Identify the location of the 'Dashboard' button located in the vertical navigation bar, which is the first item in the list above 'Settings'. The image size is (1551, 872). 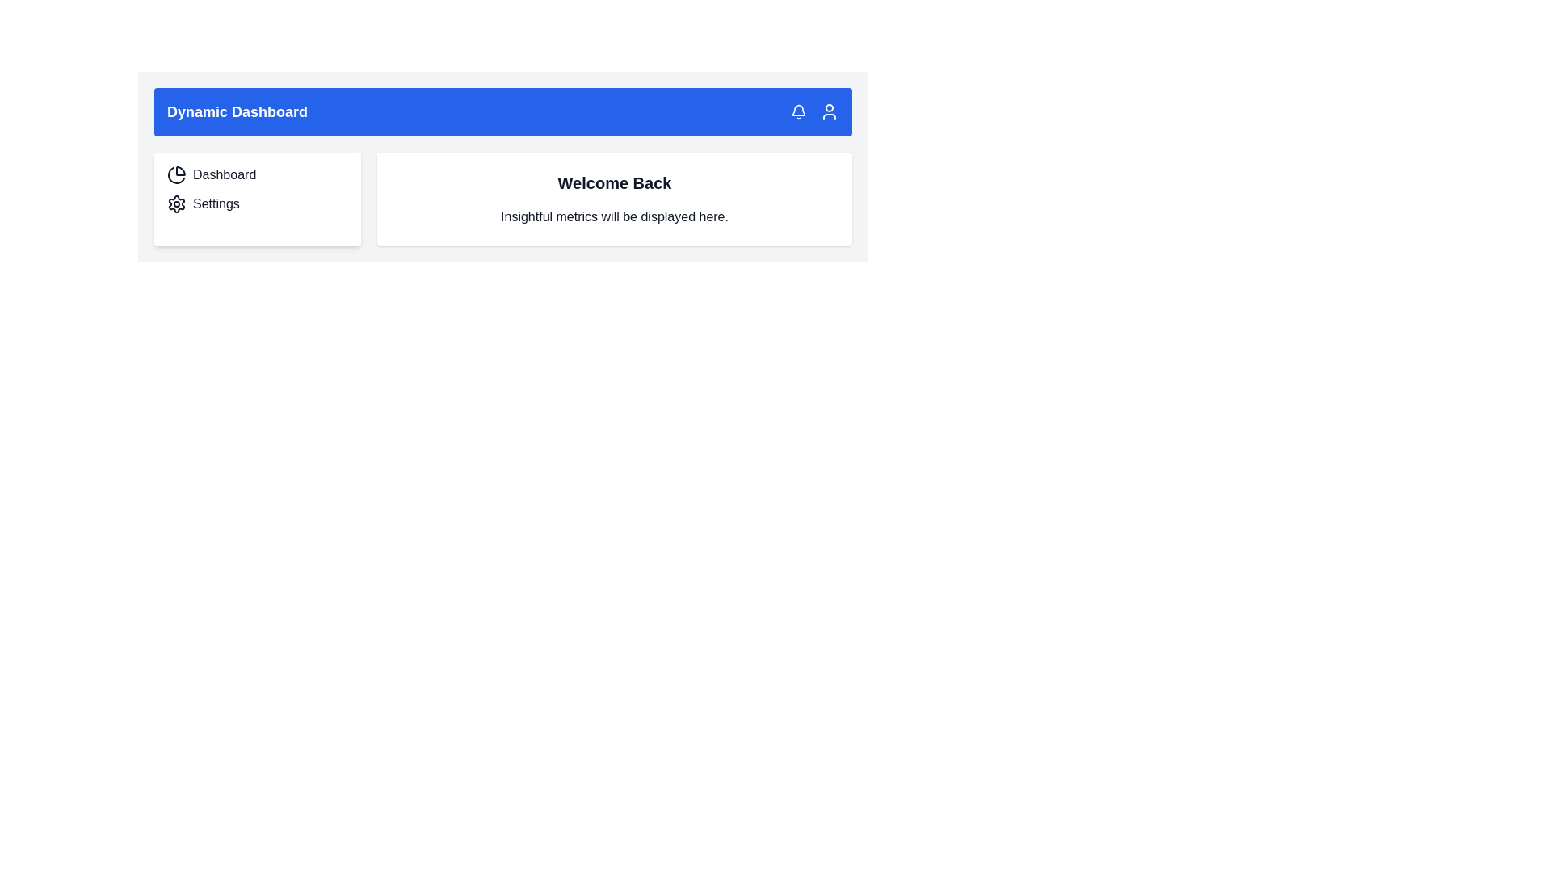
(256, 174).